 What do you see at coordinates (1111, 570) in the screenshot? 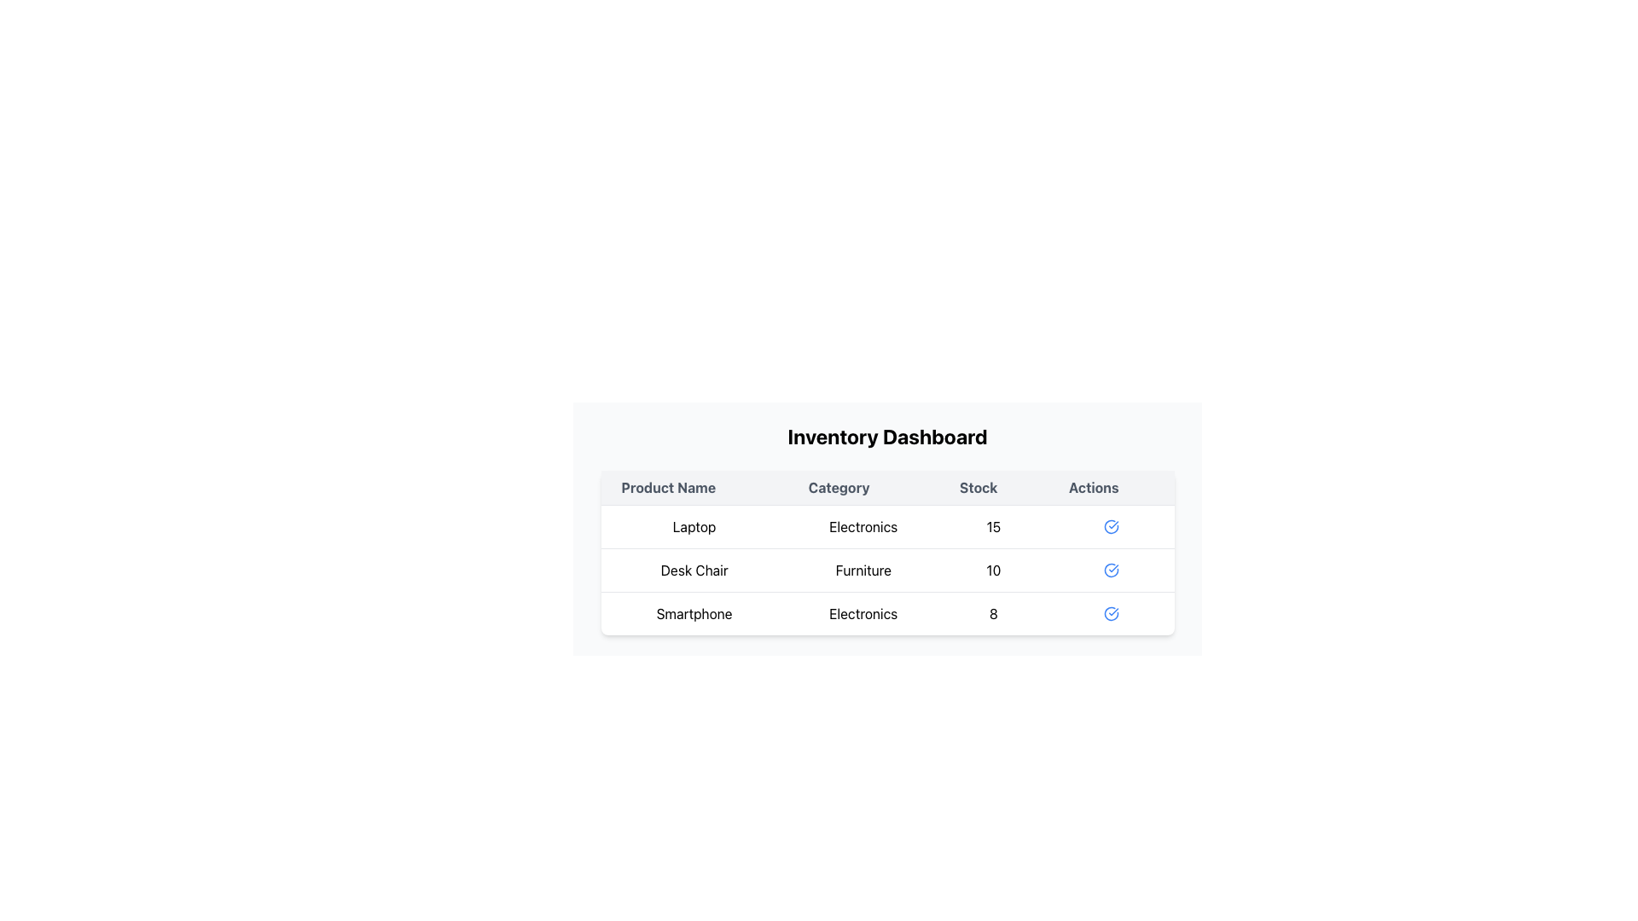
I see `the blue circular checkmark icon button located in the 'Actions' column of the second row in the table, aligned with 'Desk Chair' under the 'Product Name' column to trigger the hover effect` at bounding box center [1111, 570].